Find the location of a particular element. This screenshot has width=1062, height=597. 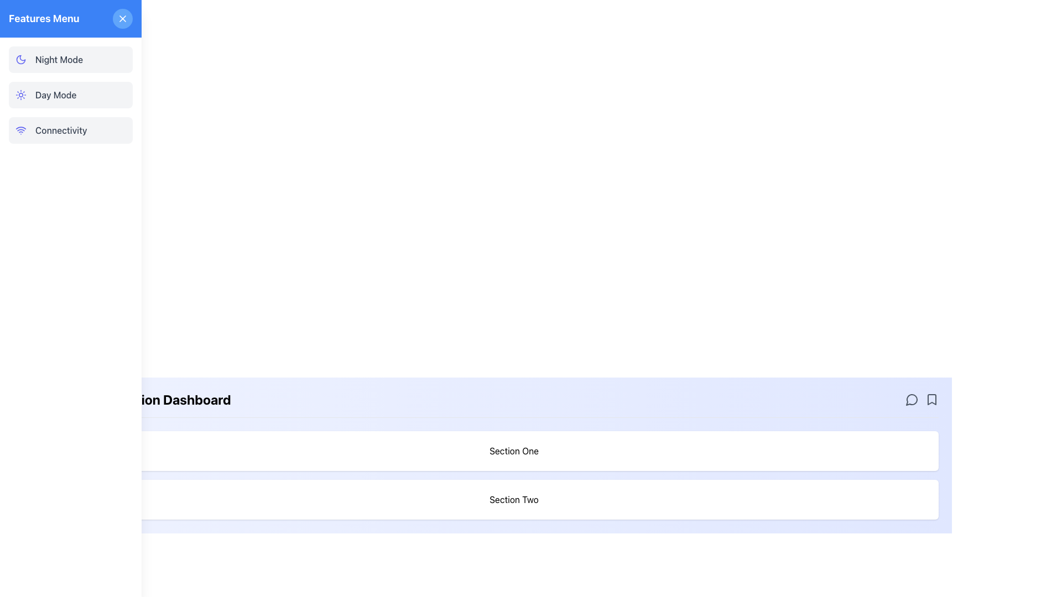

text label that reads 'Connectivity', which is styled with a gray font and located in the left panel of the interface, positioned as the third item in a menu section is located at coordinates (60, 129).